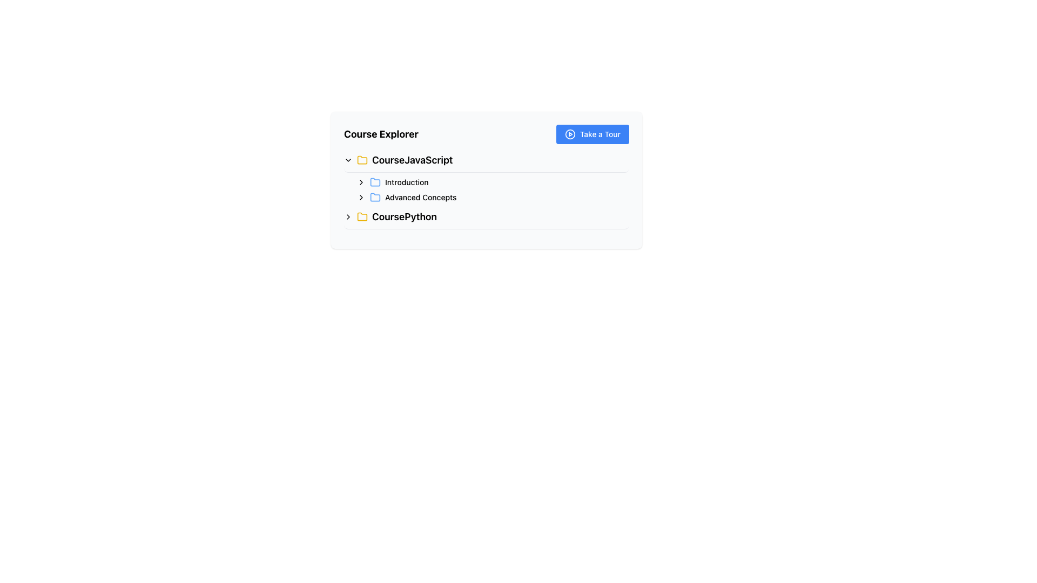 Image resolution: width=1037 pixels, height=583 pixels. I want to click on the leftmost chevron icon in the 'CoursePython' row, so click(348, 216).